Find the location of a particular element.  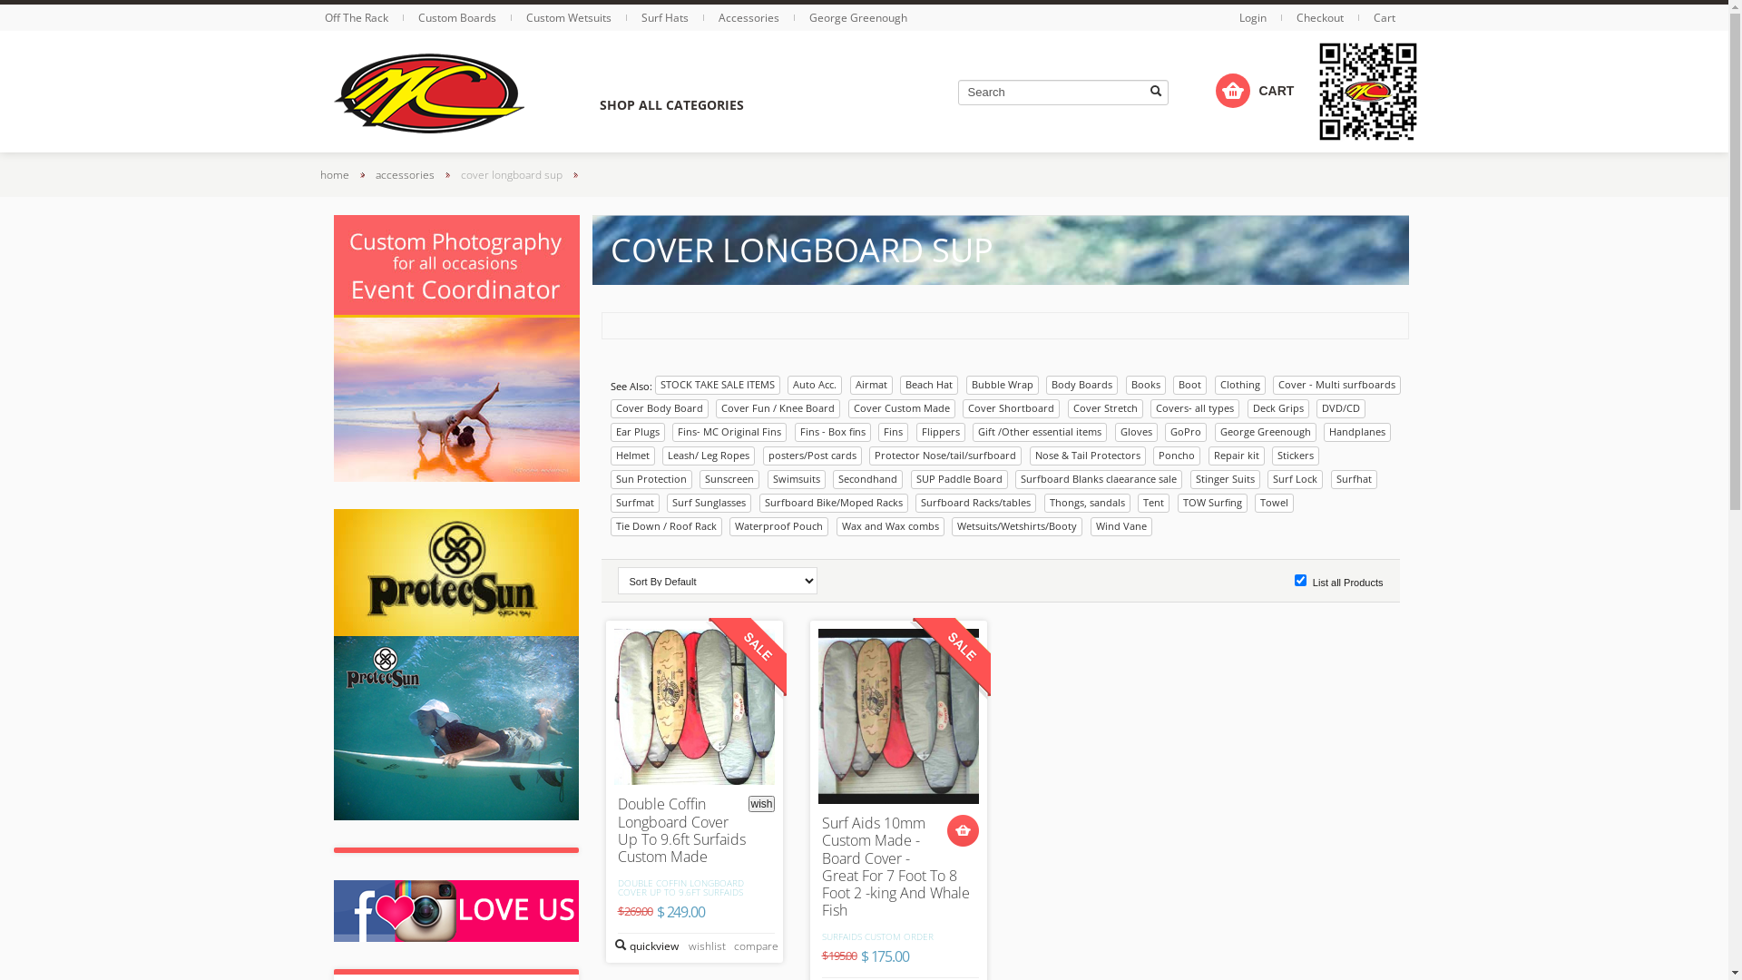

'Surf Lock' is located at coordinates (1294, 478).